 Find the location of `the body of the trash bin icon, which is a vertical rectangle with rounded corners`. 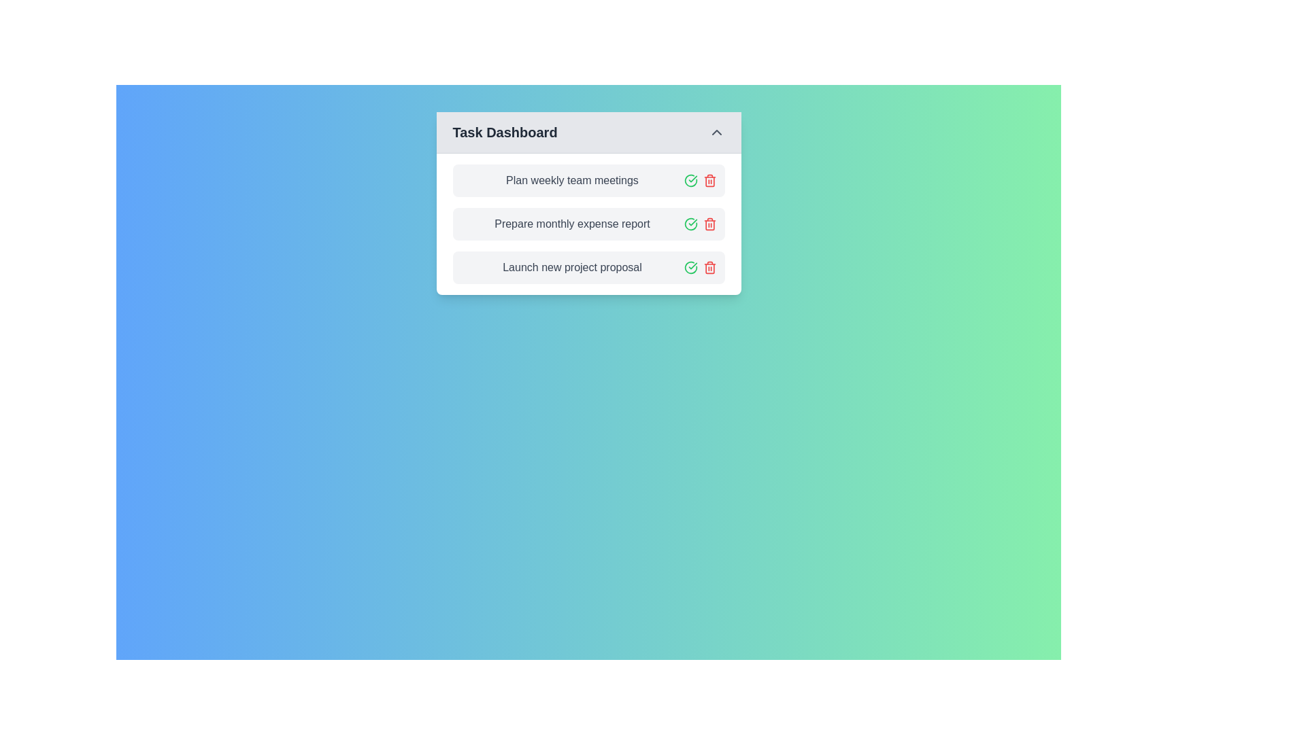

the body of the trash bin icon, which is a vertical rectangle with rounded corners is located at coordinates (709, 181).